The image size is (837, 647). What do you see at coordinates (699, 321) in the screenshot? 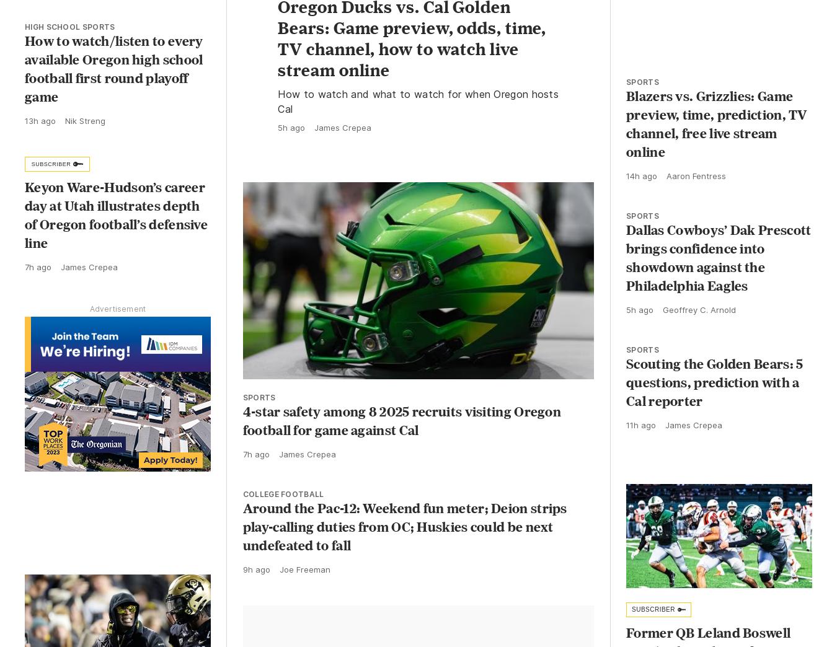
I see `'Geoffrey C. Arnold'` at bounding box center [699, 321].